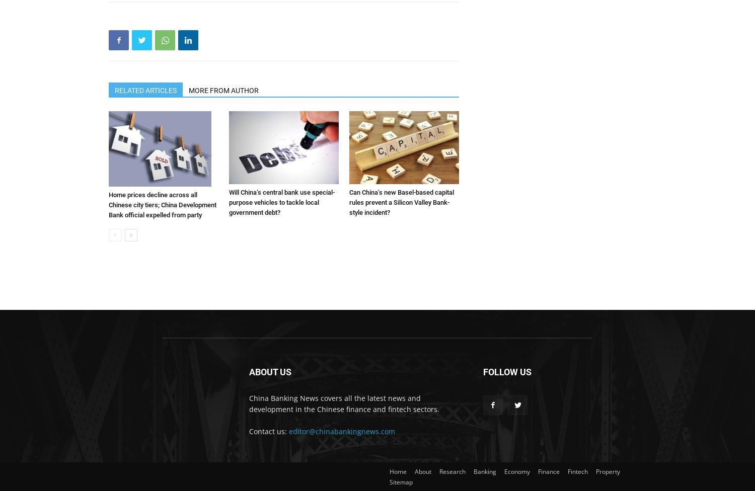 This screenshot has width=755, height=491. Describe the element at coordinates (228, 202) in the screenshot. I see `'Will China’s central bank use special-purpose vehicles to tackle local government debt?'` at that location.